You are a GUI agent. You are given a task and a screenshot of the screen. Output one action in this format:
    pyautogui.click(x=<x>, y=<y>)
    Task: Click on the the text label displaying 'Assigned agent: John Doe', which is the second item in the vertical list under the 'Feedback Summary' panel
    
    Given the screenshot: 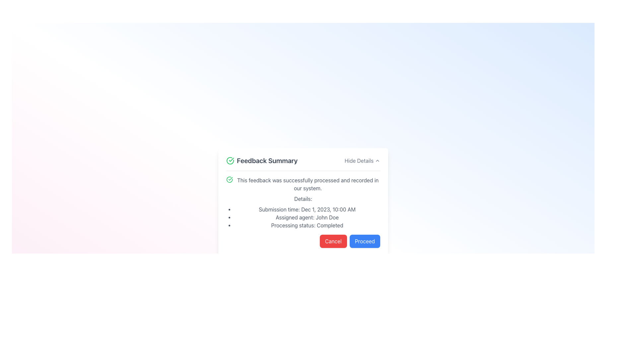 What is the action you would take?
    pyautogui.click(x=307, y=217)
    